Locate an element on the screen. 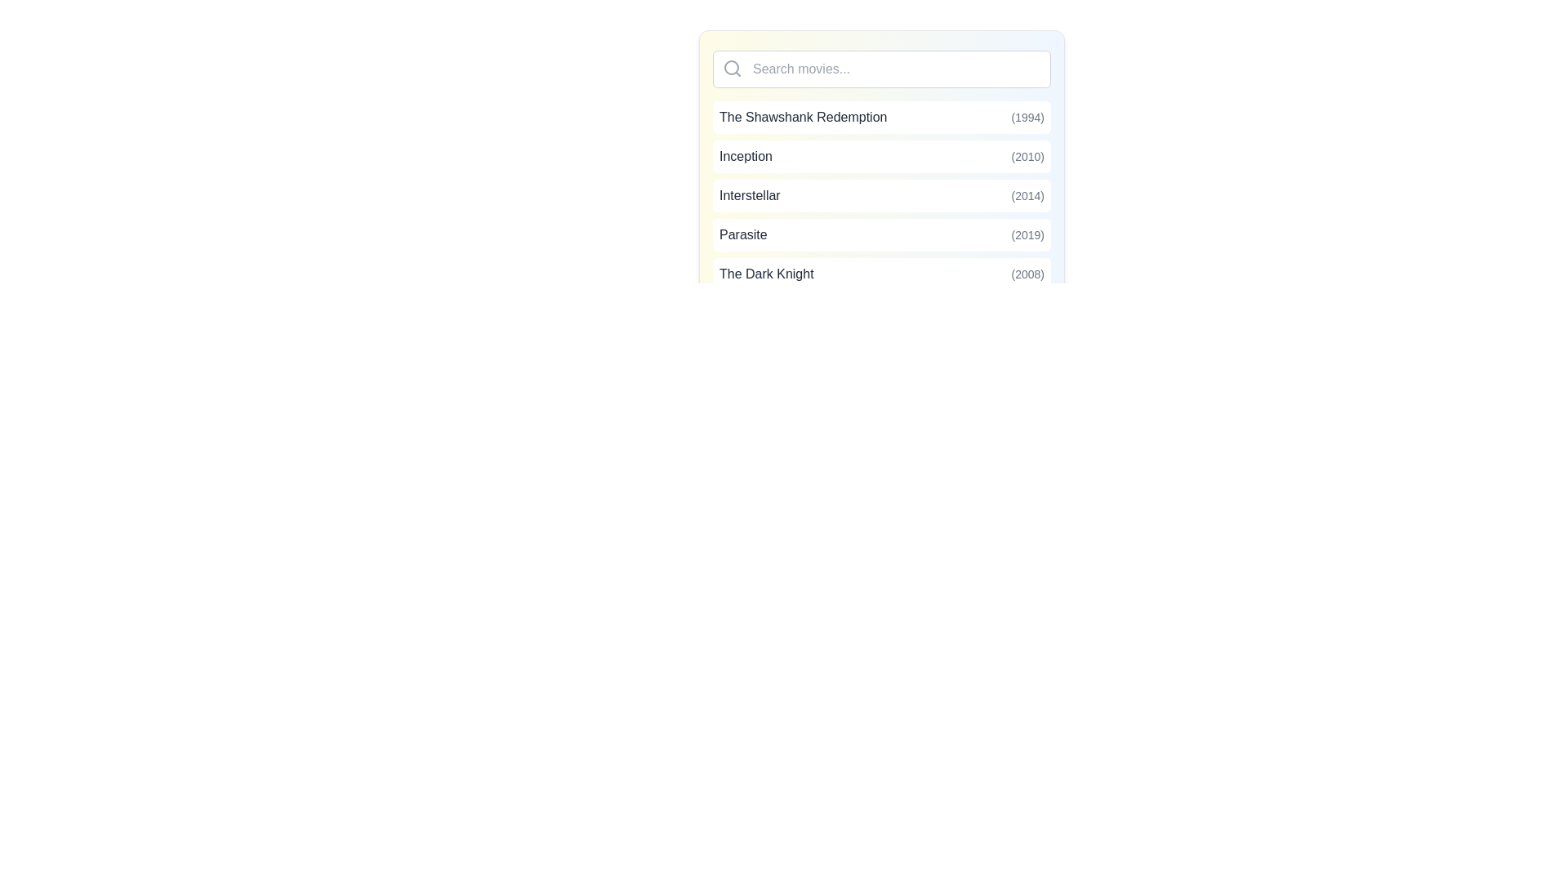 This screenshot has width=1568, height=882. the film entry list item for 'Inception (2010)' is located at coordinates (881, 170).